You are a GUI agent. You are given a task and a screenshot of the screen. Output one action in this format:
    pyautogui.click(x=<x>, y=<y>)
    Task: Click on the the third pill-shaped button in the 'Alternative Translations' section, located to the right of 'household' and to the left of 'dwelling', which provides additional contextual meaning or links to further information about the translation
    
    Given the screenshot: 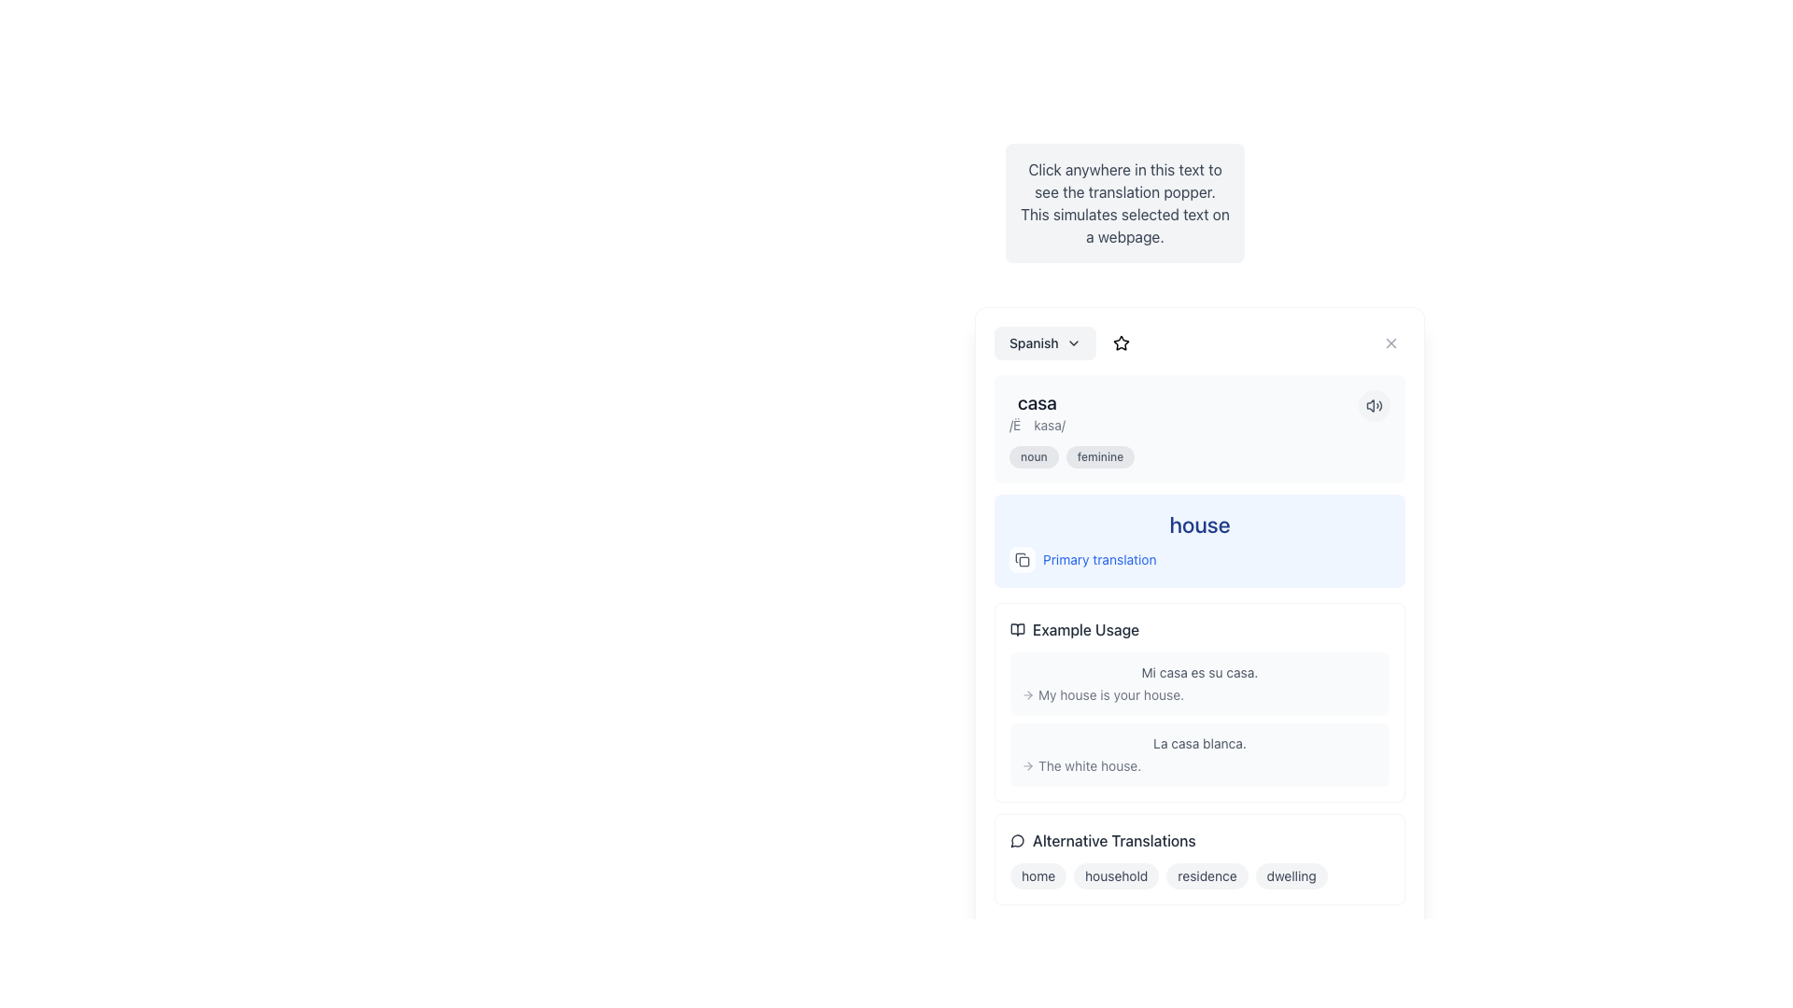 What is the action you would take?
    pyautogui.click(x=1207, y=875)
    